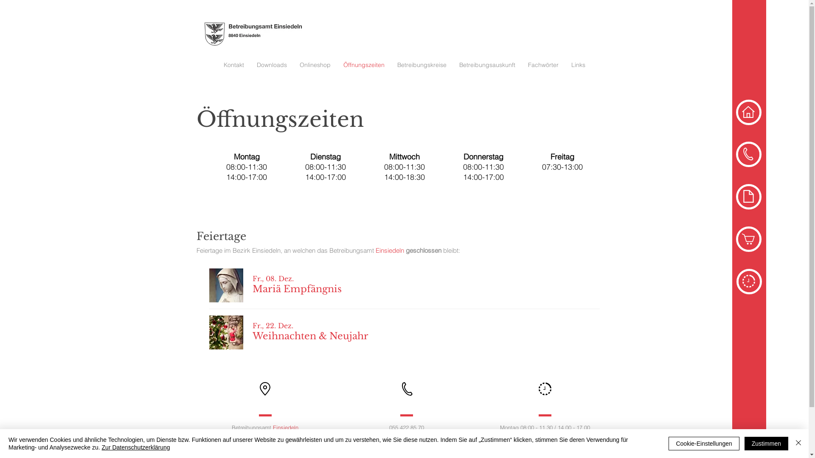 This screenshot has width=815, height=458. I want to click on 'Cookie-Einstellungen', so click(703, 443).